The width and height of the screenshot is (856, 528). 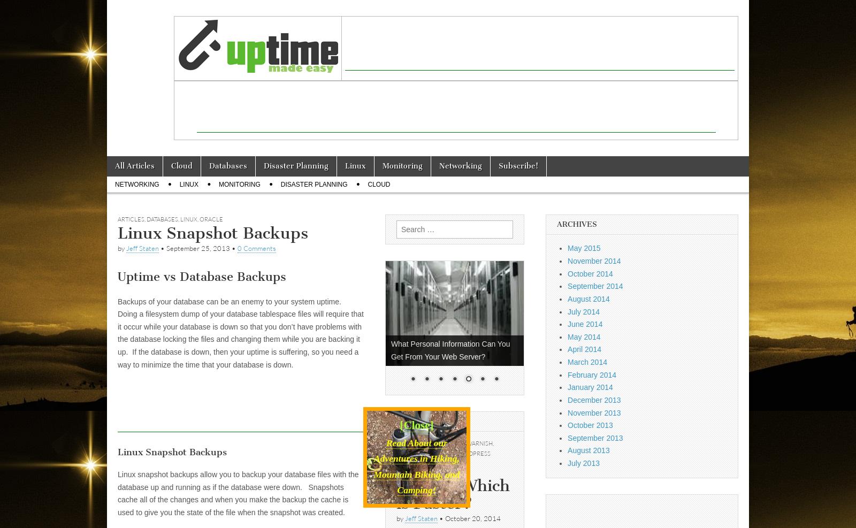 What do you see at coordinates (594, 260) in the screenshot?
I see `'November 2014'` at bounding box center [594, 260].